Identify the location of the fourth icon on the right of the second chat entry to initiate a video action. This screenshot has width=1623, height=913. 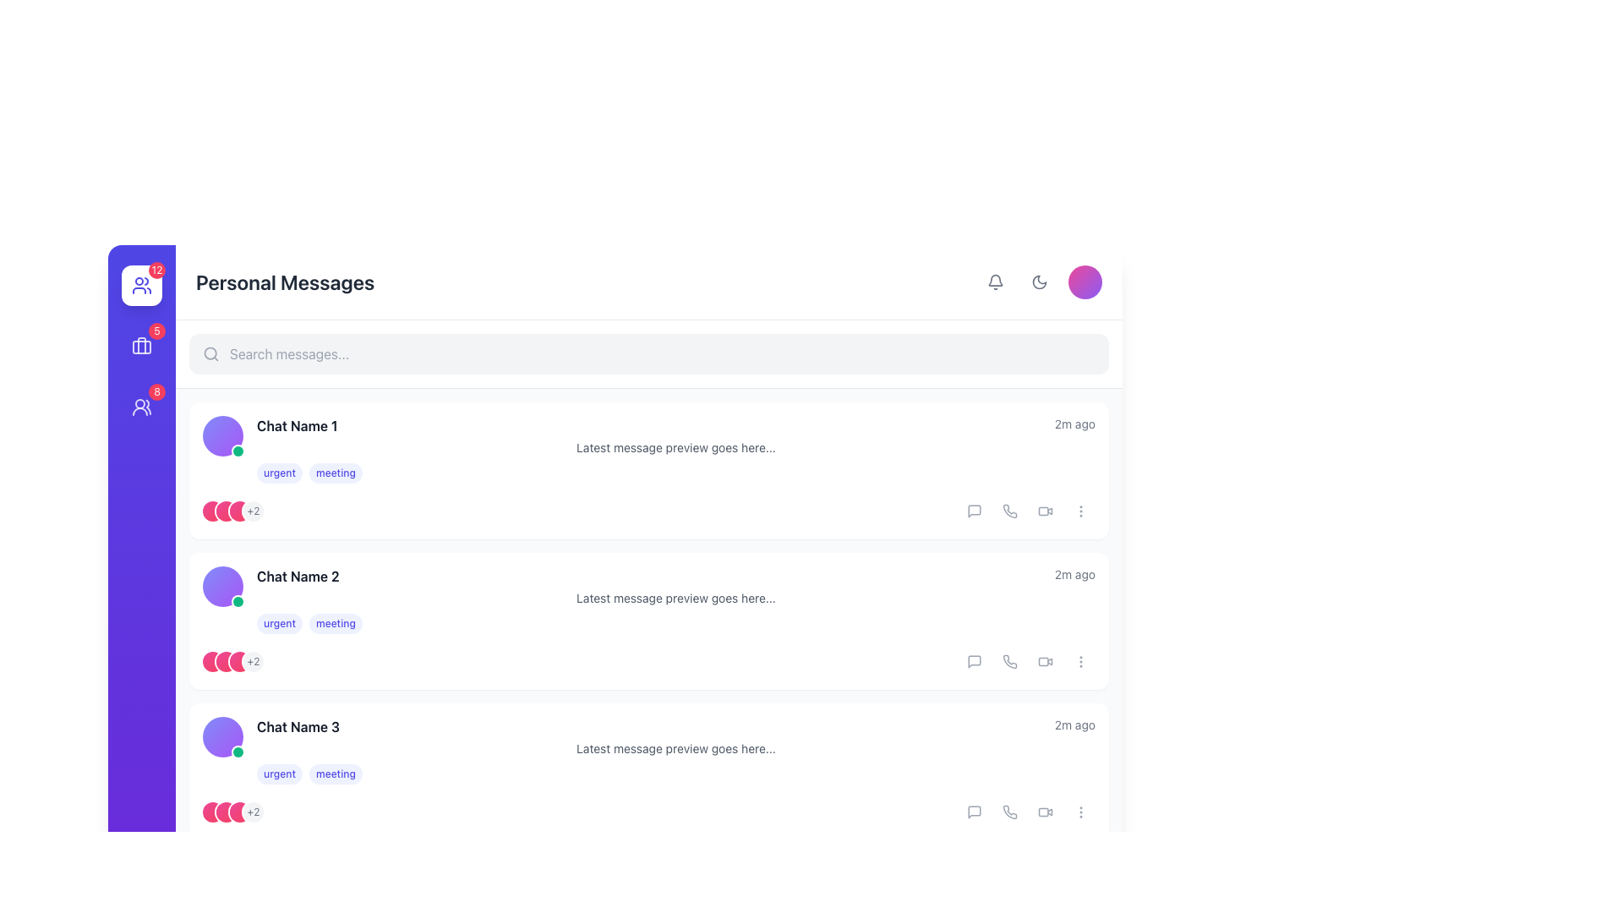
(1045, 661).